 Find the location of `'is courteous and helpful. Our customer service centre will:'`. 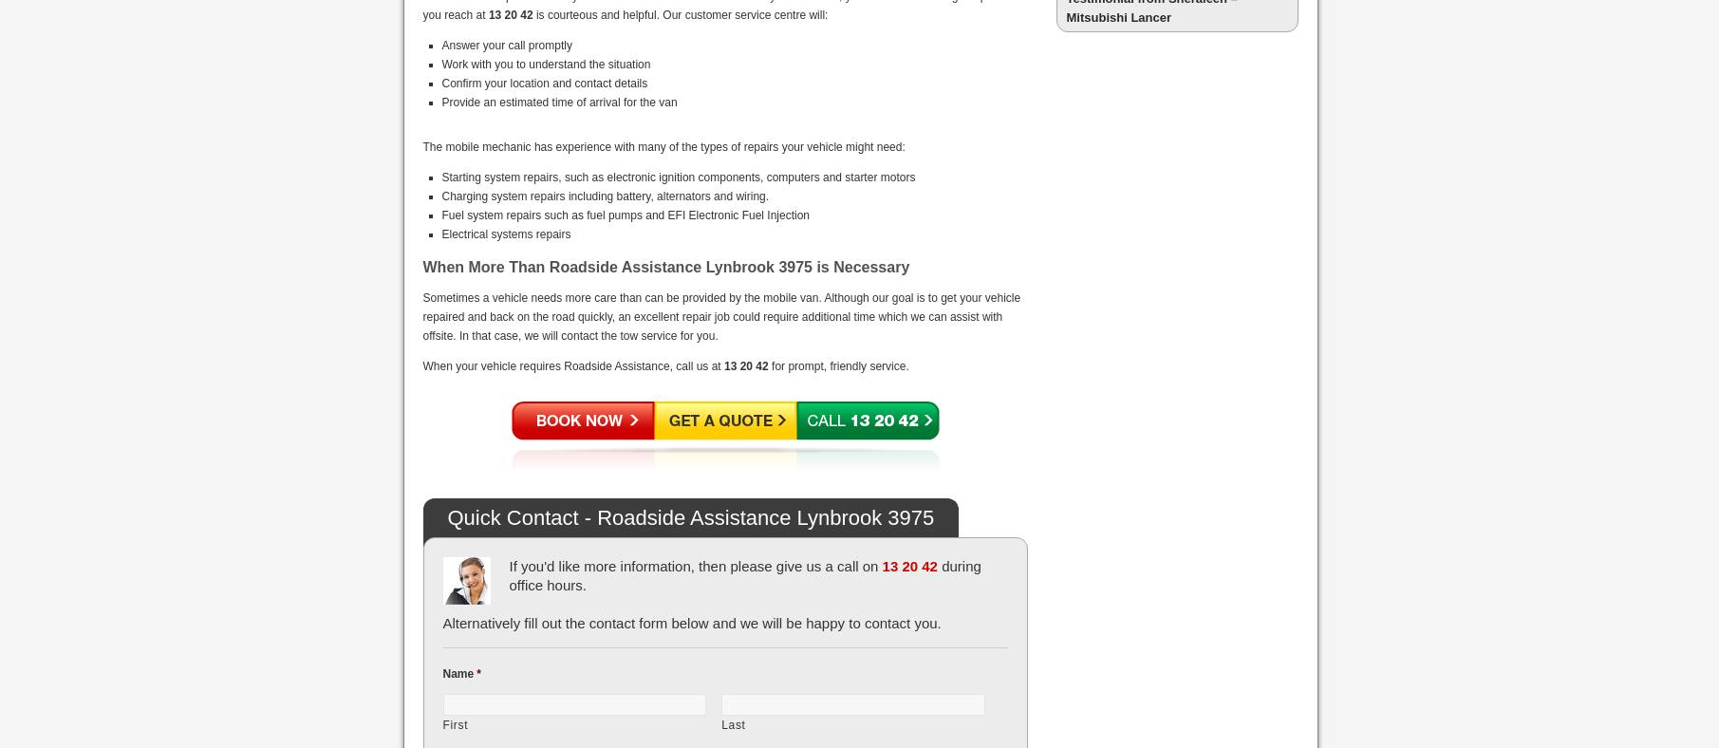

'is courteous and helpful. Our customer service centre will:' is located at coordinates (679, 13).